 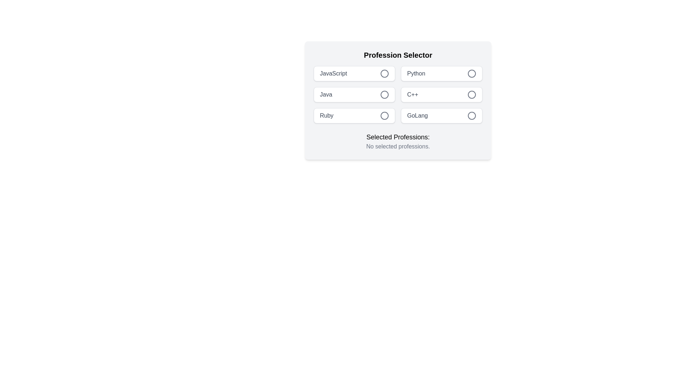 What do you see at coordinates (472, 115) in the screenshot?
I see `the radio button indicator (circle) for the 'GoLang' option in the 'Profession Selector' interface to enable keyboard selection` at bounding box center [472, 115].